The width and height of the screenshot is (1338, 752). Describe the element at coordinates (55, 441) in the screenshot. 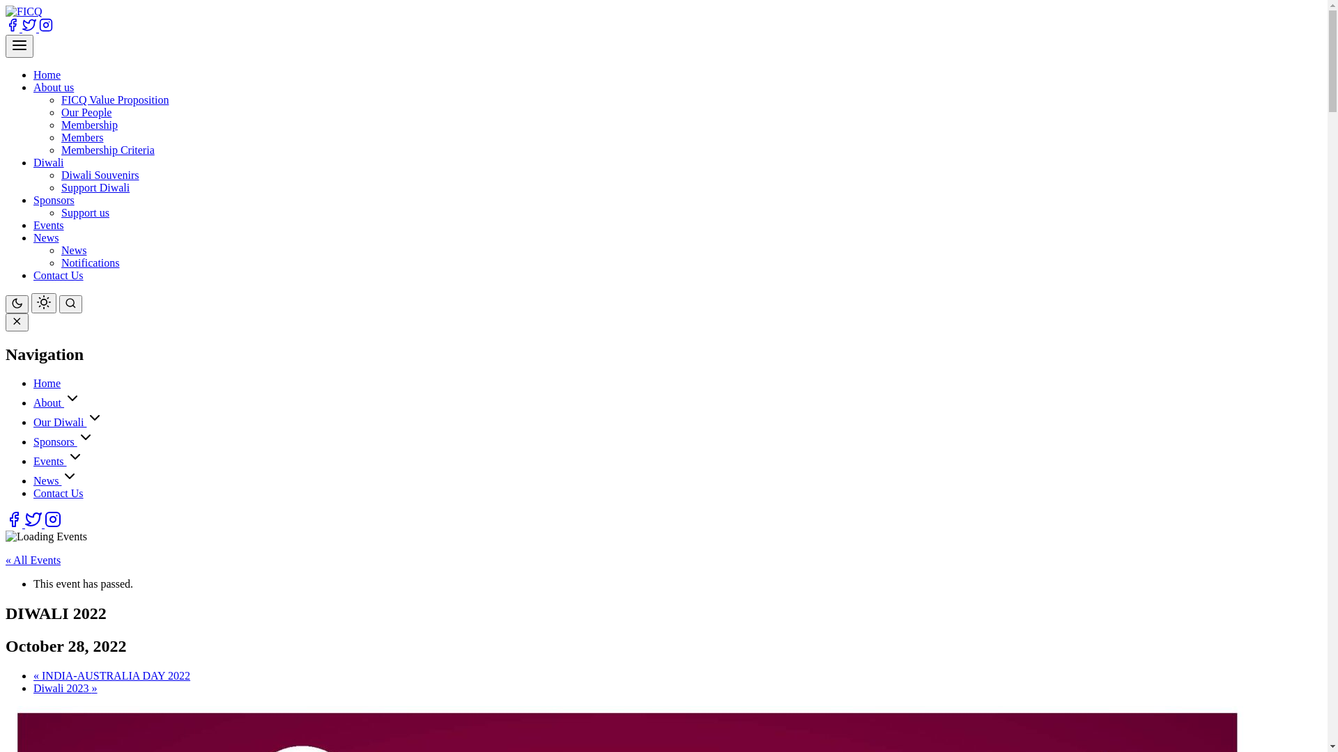

I see `'Sponsors'` at that location.